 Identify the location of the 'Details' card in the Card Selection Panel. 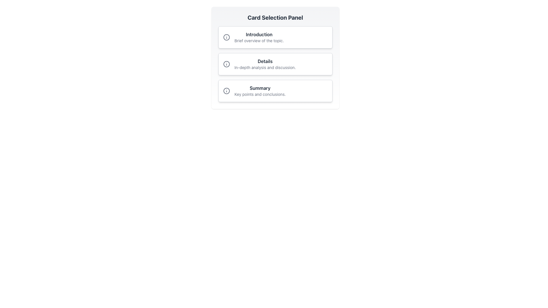
(265, 64).